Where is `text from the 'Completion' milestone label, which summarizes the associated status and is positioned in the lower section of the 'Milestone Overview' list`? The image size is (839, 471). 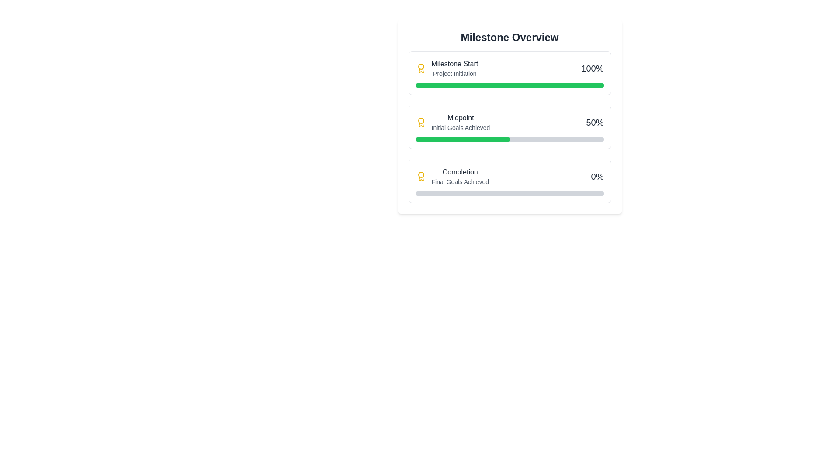
text from the 'Completion' milestone label, which summarizes the associated status and is positioned in the lower section of the 'Milestone Overview' list is located at coordinates (460, 177).